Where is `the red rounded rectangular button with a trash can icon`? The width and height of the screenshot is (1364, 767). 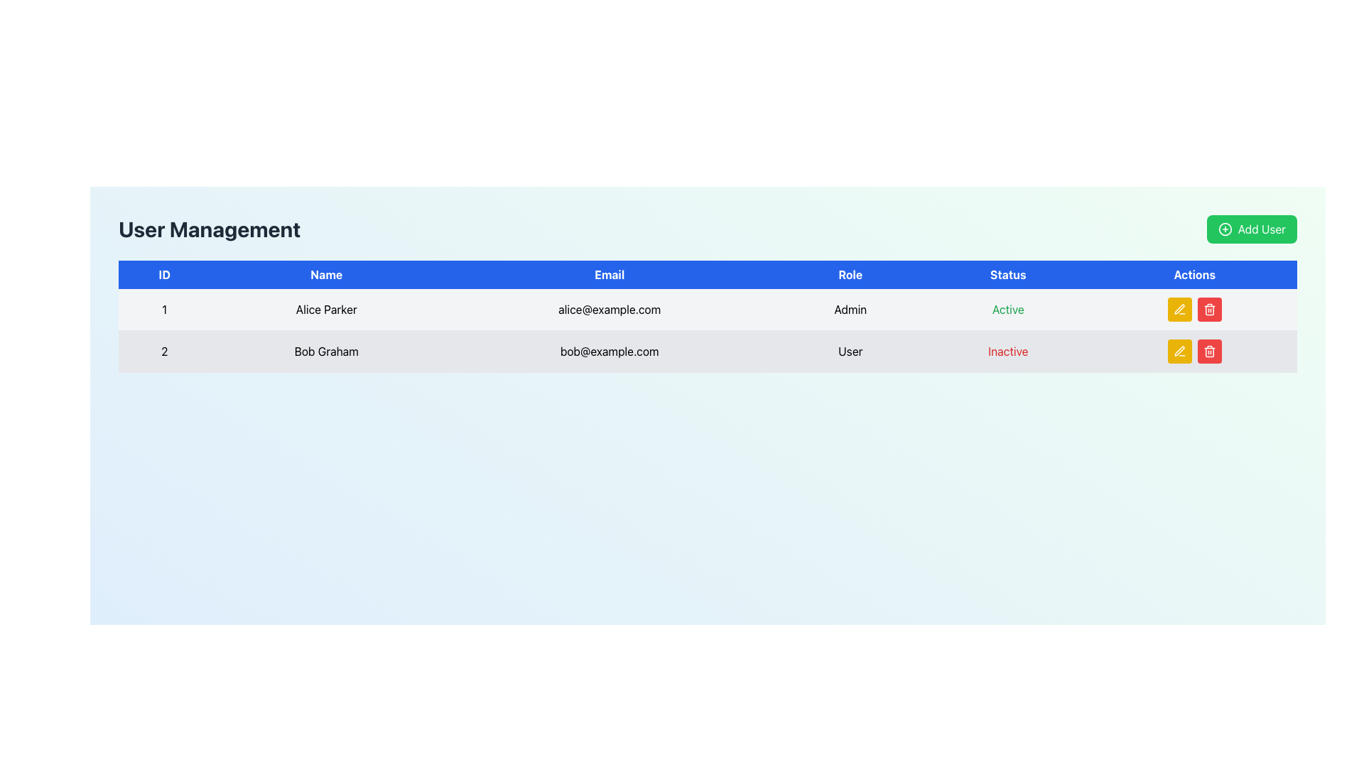 the red rounded rectangular button with a trash can icon is located at coordinates (1208, 308).